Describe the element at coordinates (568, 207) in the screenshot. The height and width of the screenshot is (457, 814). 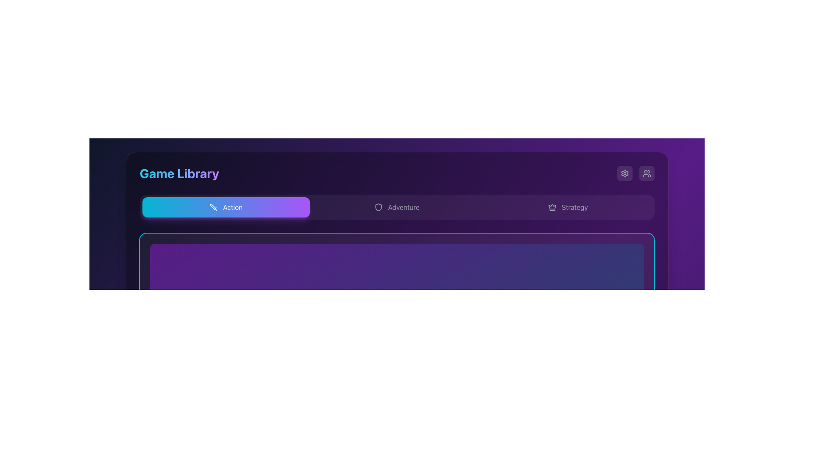
I see `the 'Strategy' button, which is the rightmost button in a horizontal row of three buttons labeled 'Action', 'Adventure', and 'Strategy'` at that location.